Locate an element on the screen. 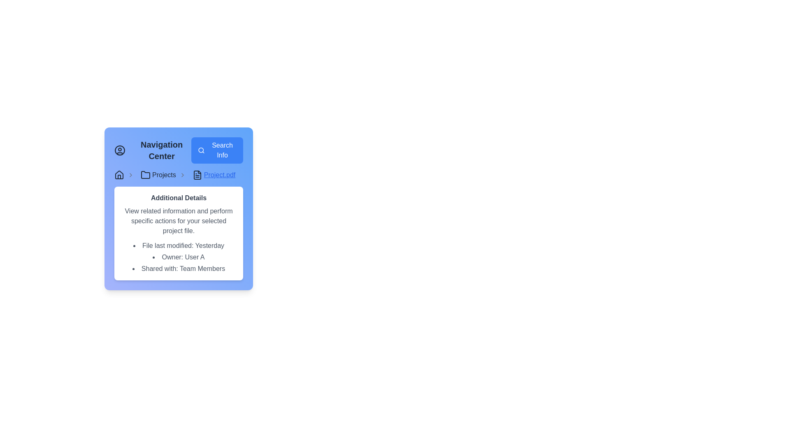 The image size is (790, 444). the 'Projects' text label in the breadcrumb navigation which indicates the current hierarchical level is located at coordinates (164, 174).